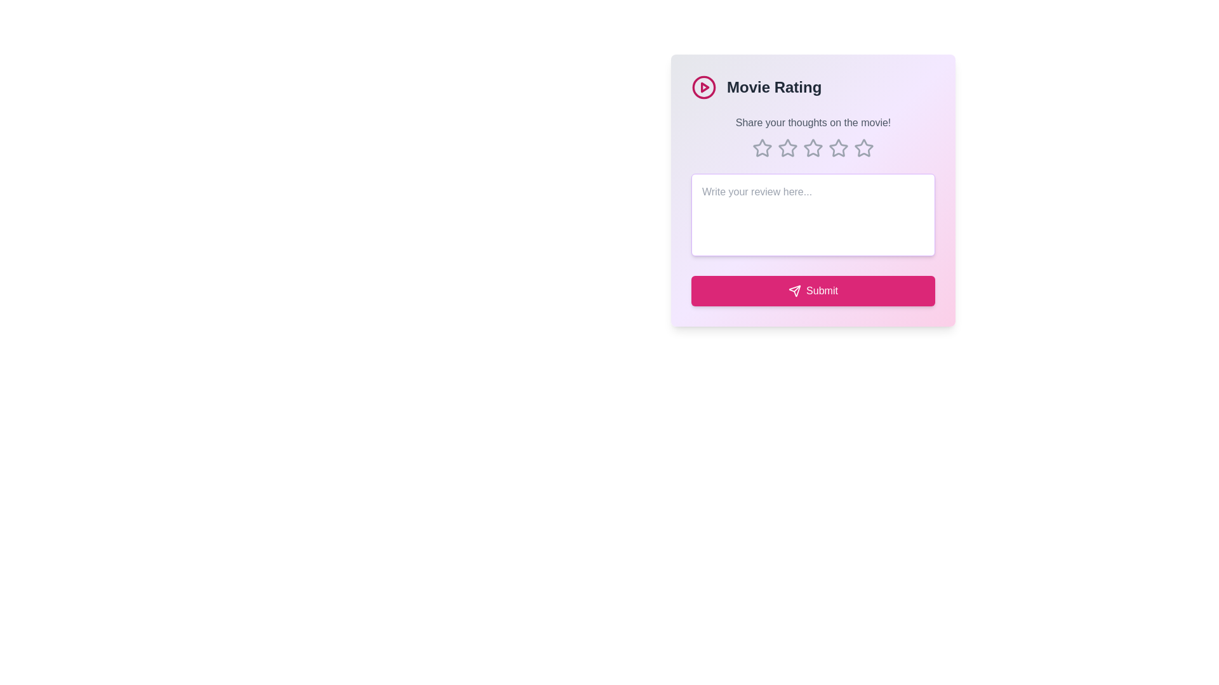  Describe the element at coordinates (813, 122) in the screenshot. I see `the text label displaying 'Share your thoughts on the movie!' which is positioned below the title 'Movie Rating' and above the star icons` at that location.